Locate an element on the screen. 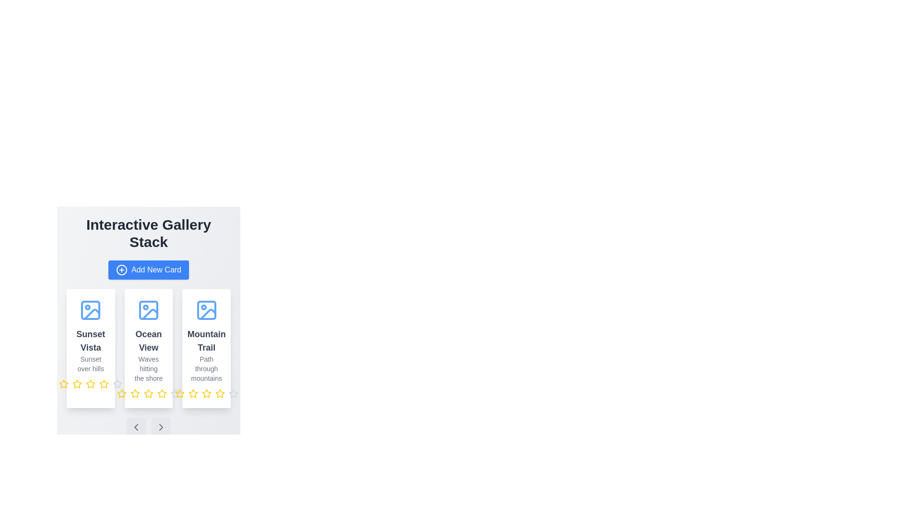 This screenshot has width=921, height=518. the yellow star icon in the 5-star rating system under the 'Mountain Trail' card is located at coordinates (192, 394).